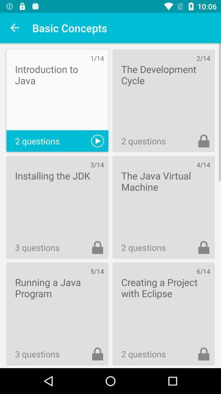 The width and height of the screenshot is (221, 394). What do you see at coordinates (15, 28) in the screenshot?
I see `icon next to basic concepts` at bounding box center [15, 28].